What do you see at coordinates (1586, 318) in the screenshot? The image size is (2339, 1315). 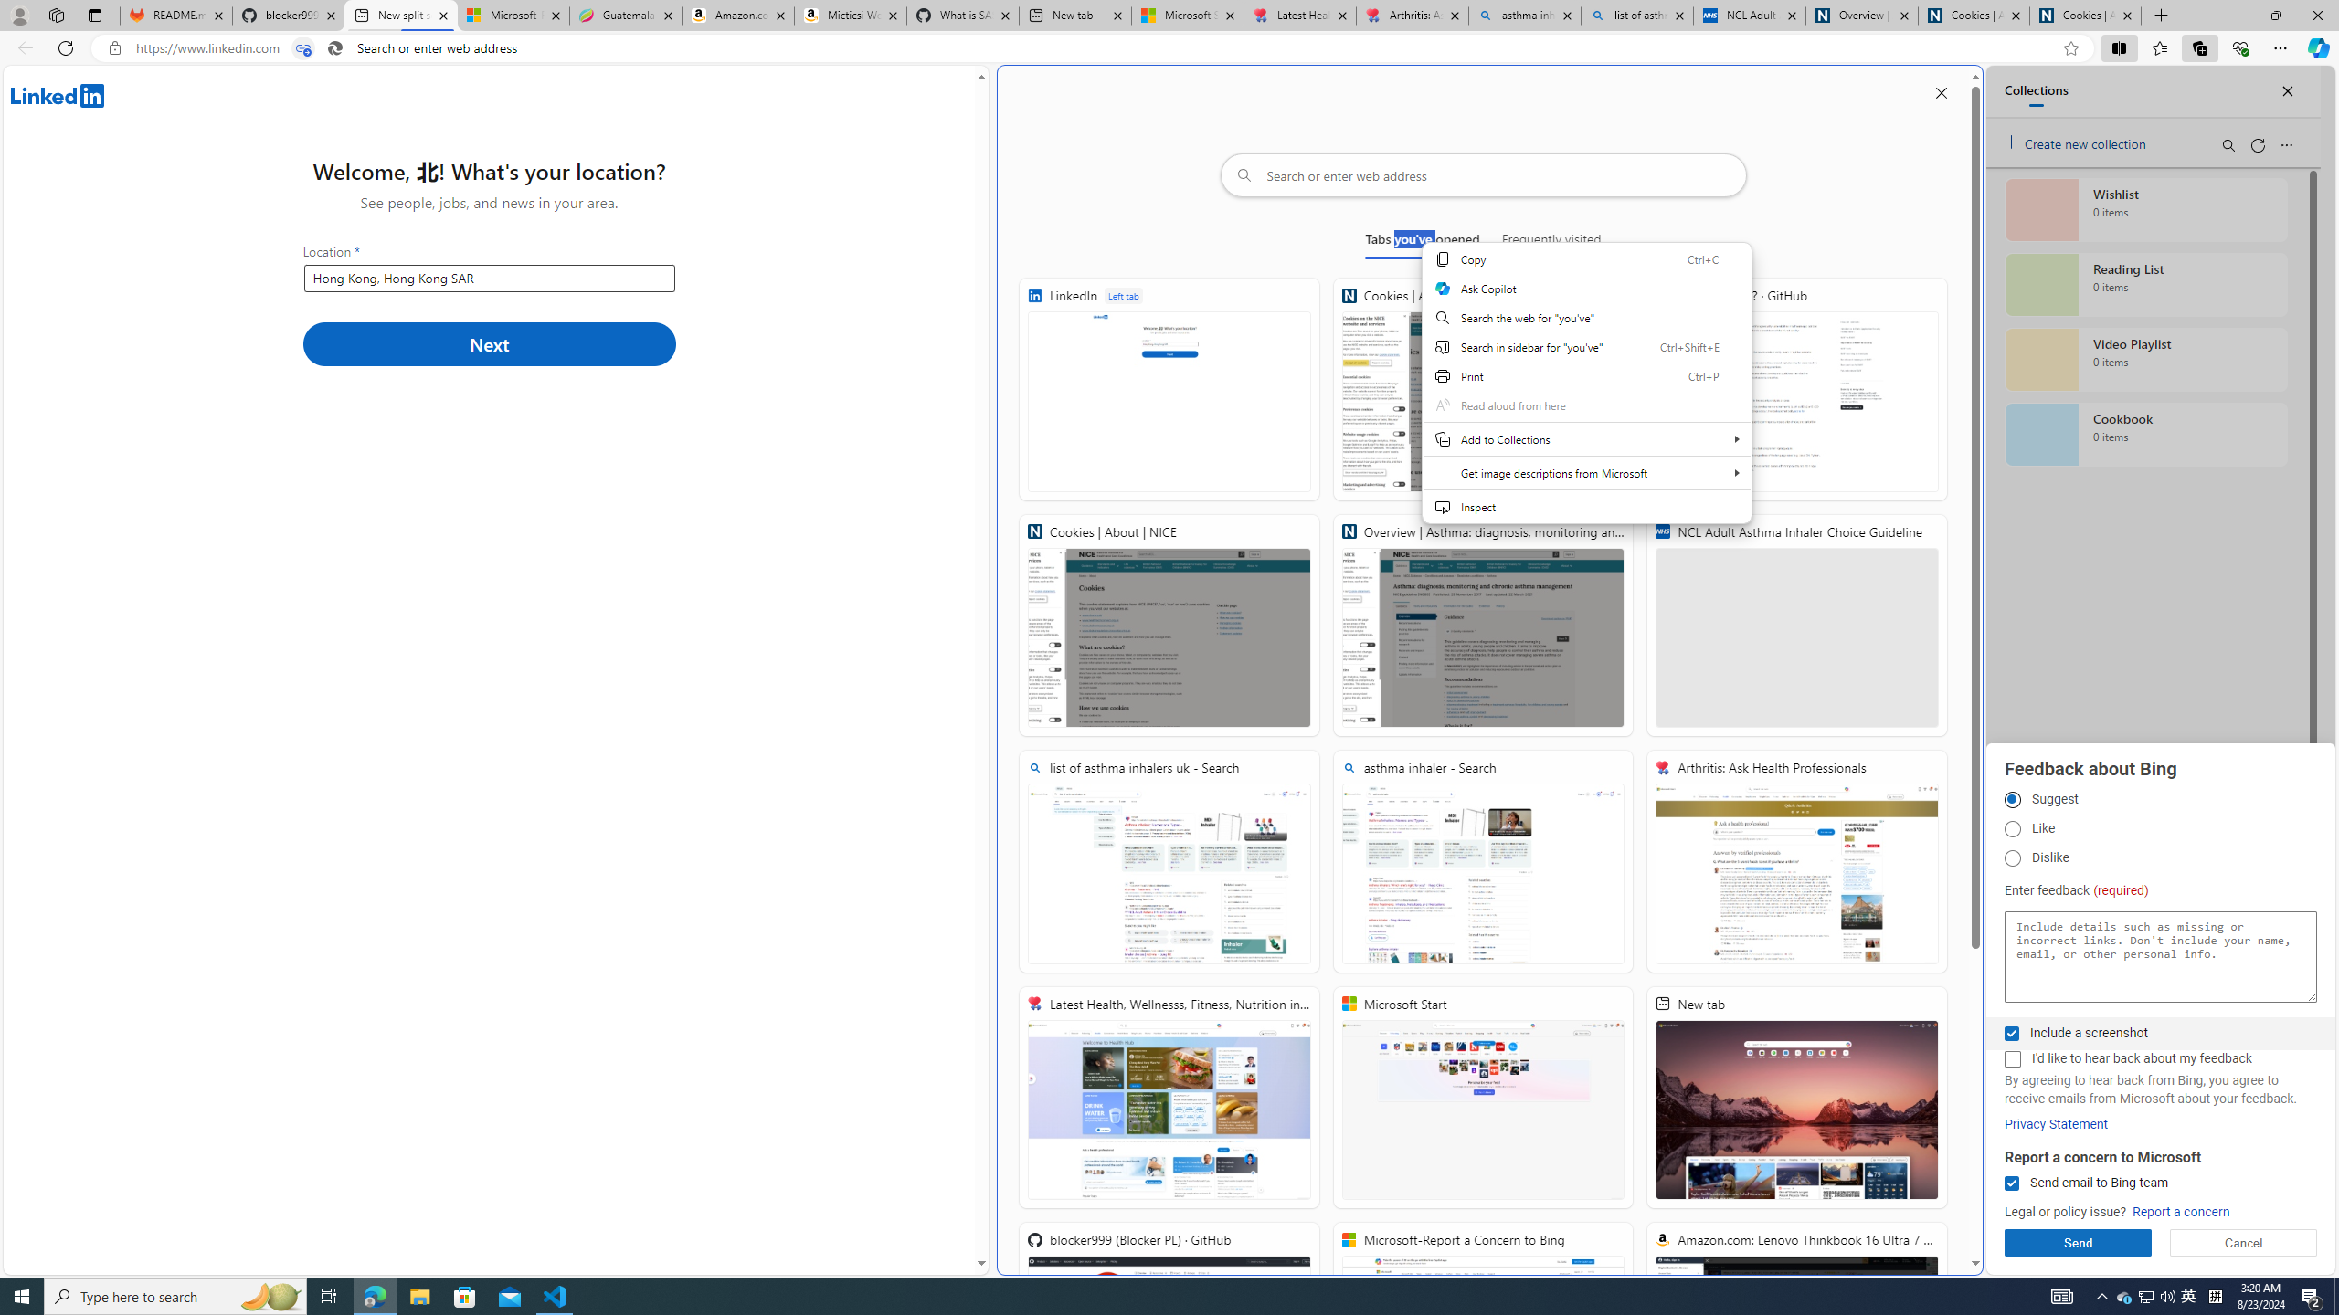 I see `'Search the web for "you'` at bounding box center [1586, 318].